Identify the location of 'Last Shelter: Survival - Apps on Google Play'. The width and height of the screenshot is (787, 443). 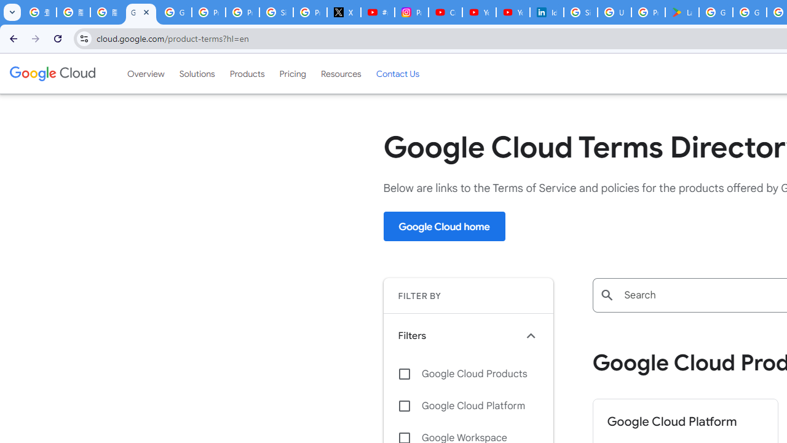
(681, 12).